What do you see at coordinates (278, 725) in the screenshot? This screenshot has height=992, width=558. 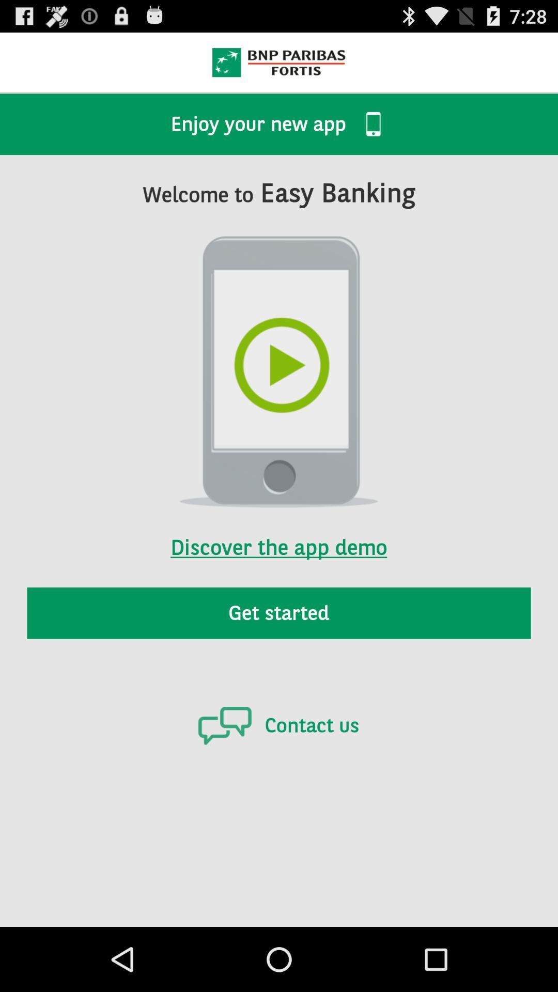 I see `the item below the get started` at bounding box center [278, 725].